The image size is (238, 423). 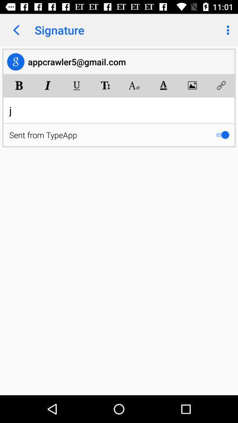 What do you see at coordinates (76, 85) in the screenshot?
I see `the app below the appcrawler5@gmail.com item` at bounding box center [76, 85].